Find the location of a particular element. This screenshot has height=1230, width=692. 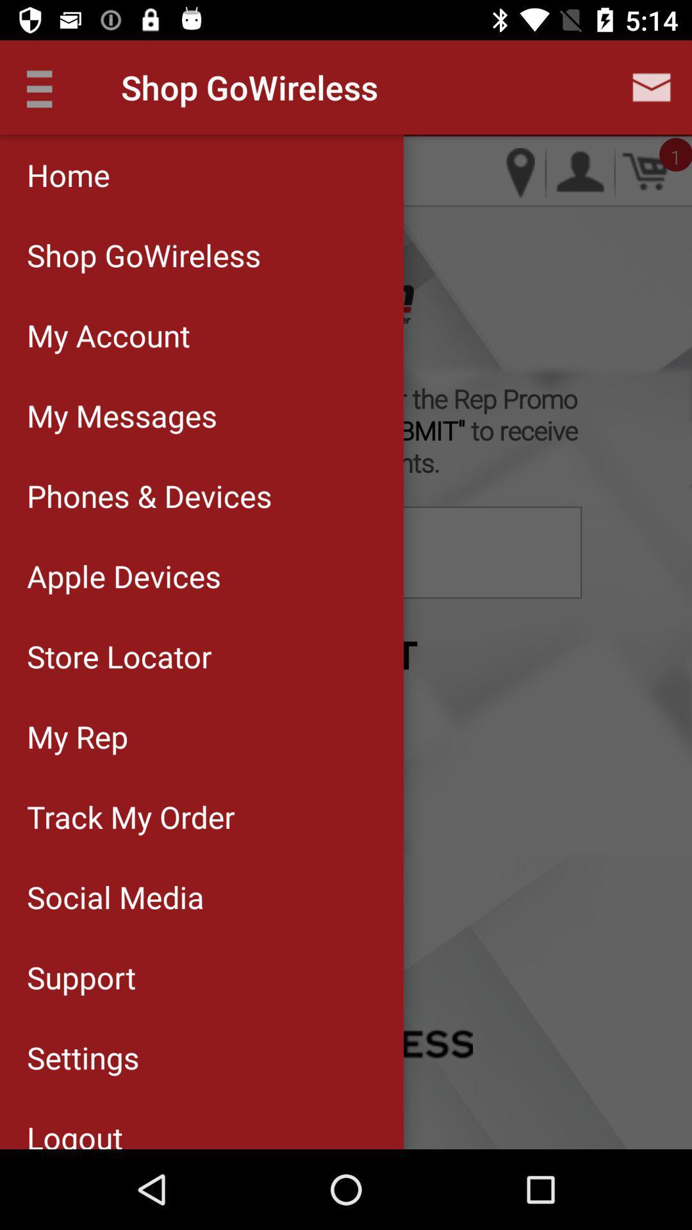

the track my order icon is located at coordinates (202, 816).